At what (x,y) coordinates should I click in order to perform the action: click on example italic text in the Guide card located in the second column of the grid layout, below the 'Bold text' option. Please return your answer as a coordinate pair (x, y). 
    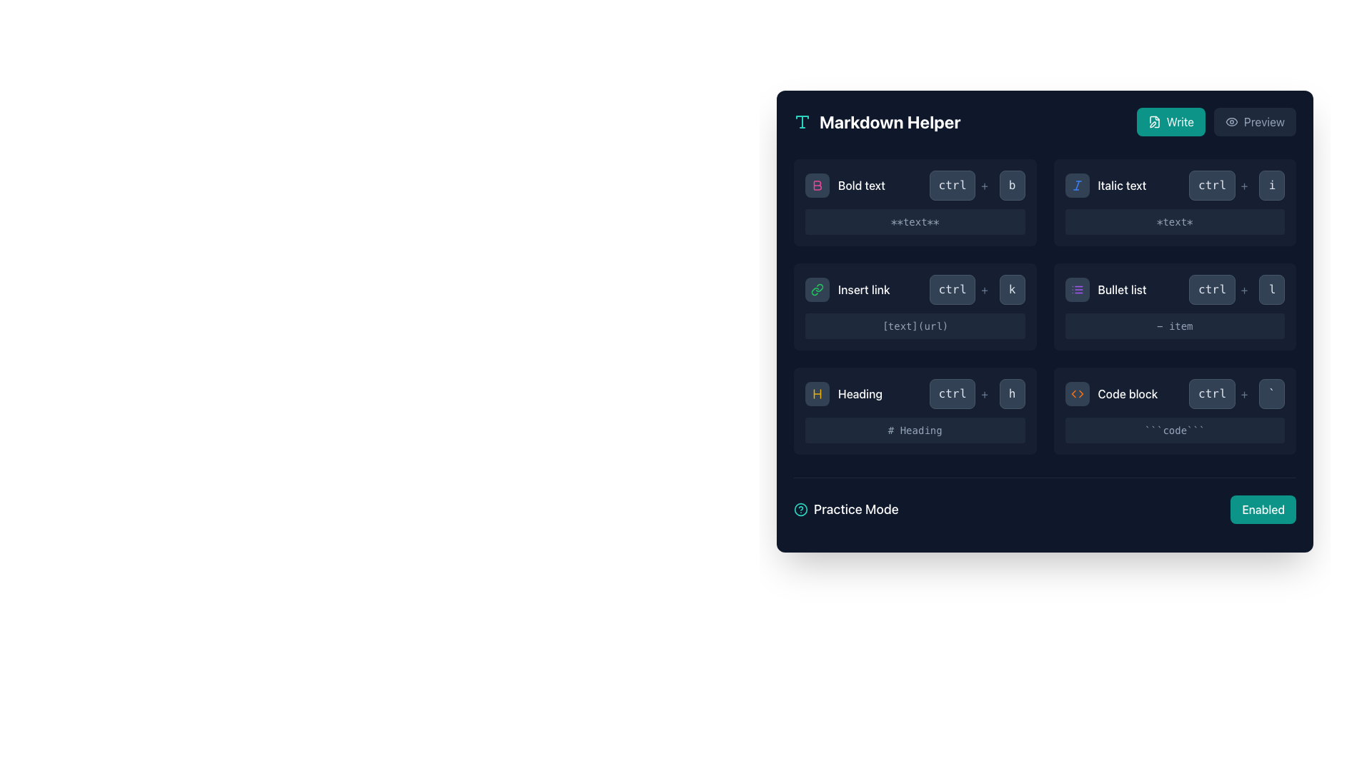
    Looking at the image, I should click on (1175, 203).